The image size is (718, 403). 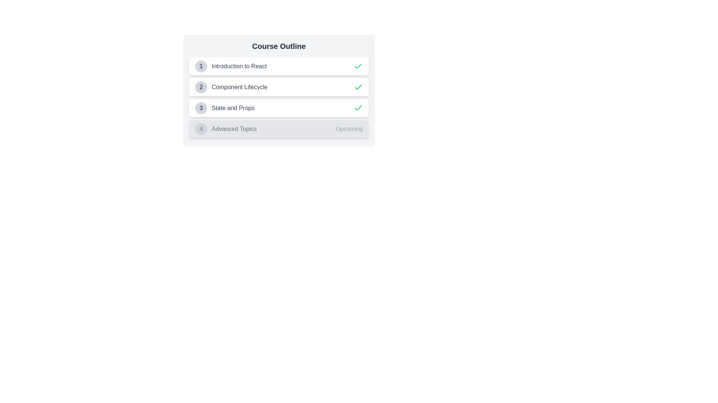 What do you see at coordinates (278, 129) in the screenshot?
I see `to select or highlight the list item labeled 'Advanced Topics' with a status indicator showing 'Upcoming' and the badge number '4'` at bounding box center [278, 129].